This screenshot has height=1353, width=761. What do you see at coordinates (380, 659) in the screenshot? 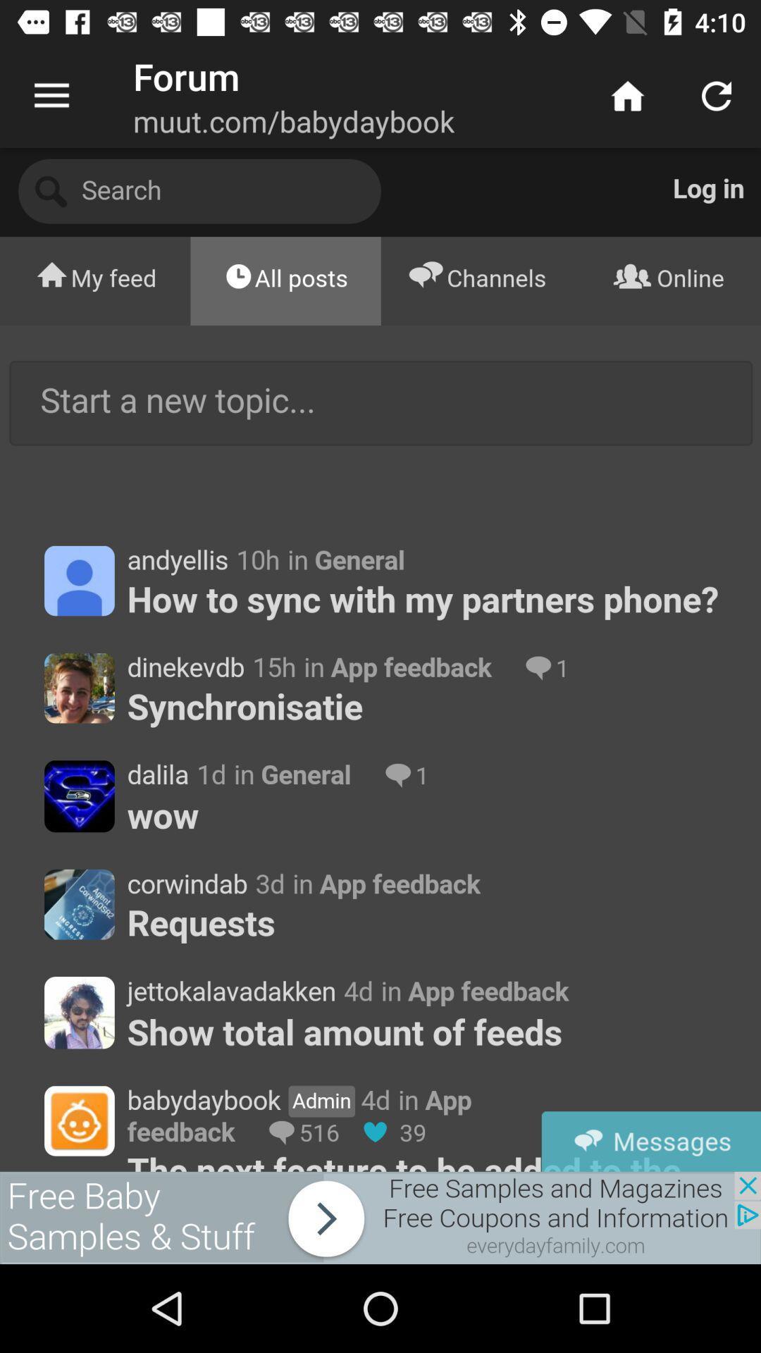
I see `description` at bounding box center [380, 659].